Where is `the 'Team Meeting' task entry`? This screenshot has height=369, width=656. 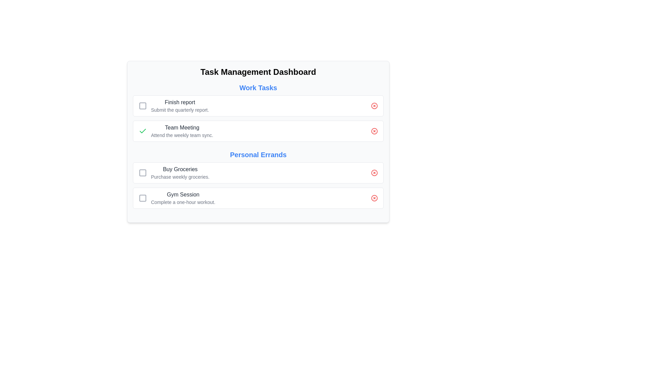 the 'Team Meeting' task entry is located at coordinates (176, 131).